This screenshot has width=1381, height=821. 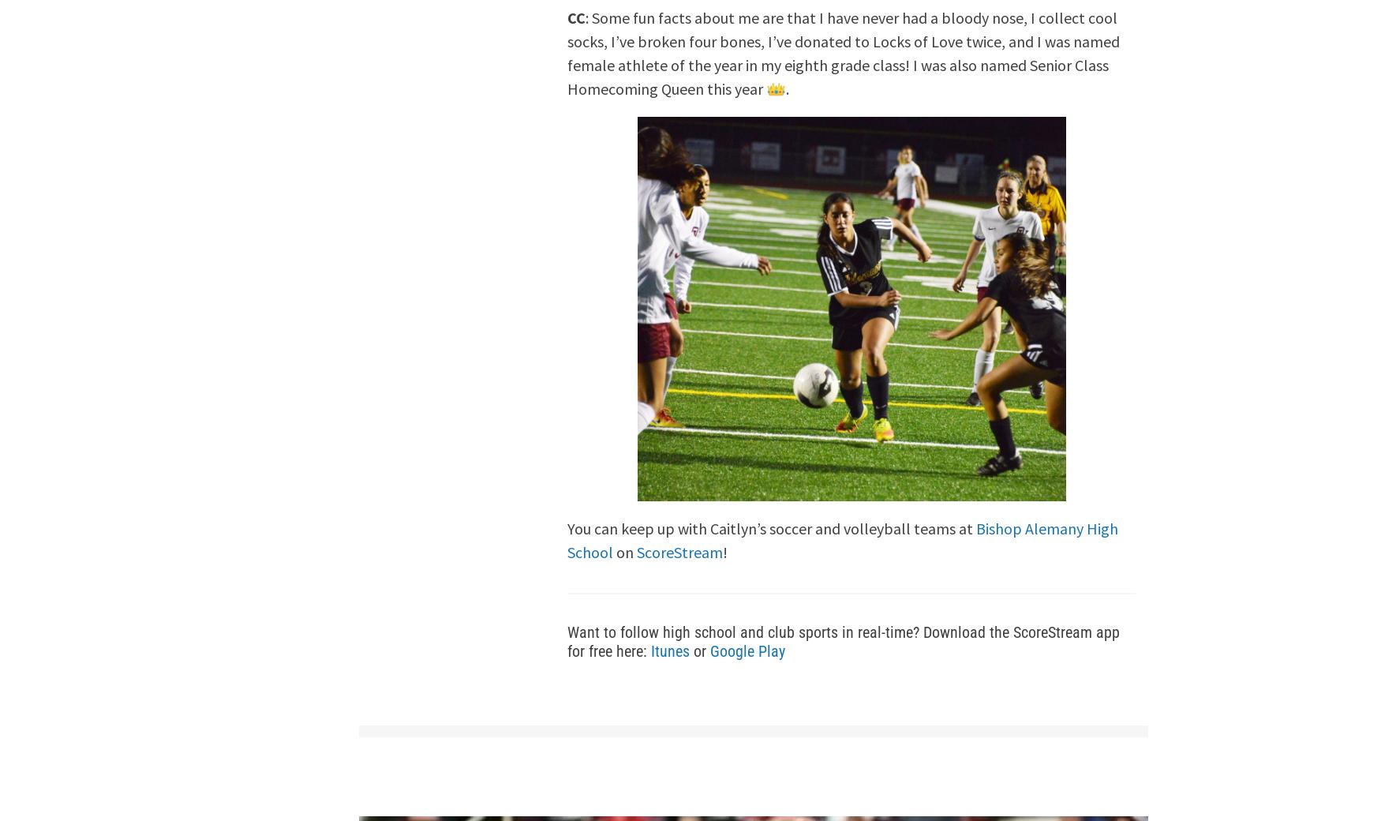 What do you see at coordinates (567, 17) in the screenshot?
I see `'CC'` at bounding box center [567, 17].